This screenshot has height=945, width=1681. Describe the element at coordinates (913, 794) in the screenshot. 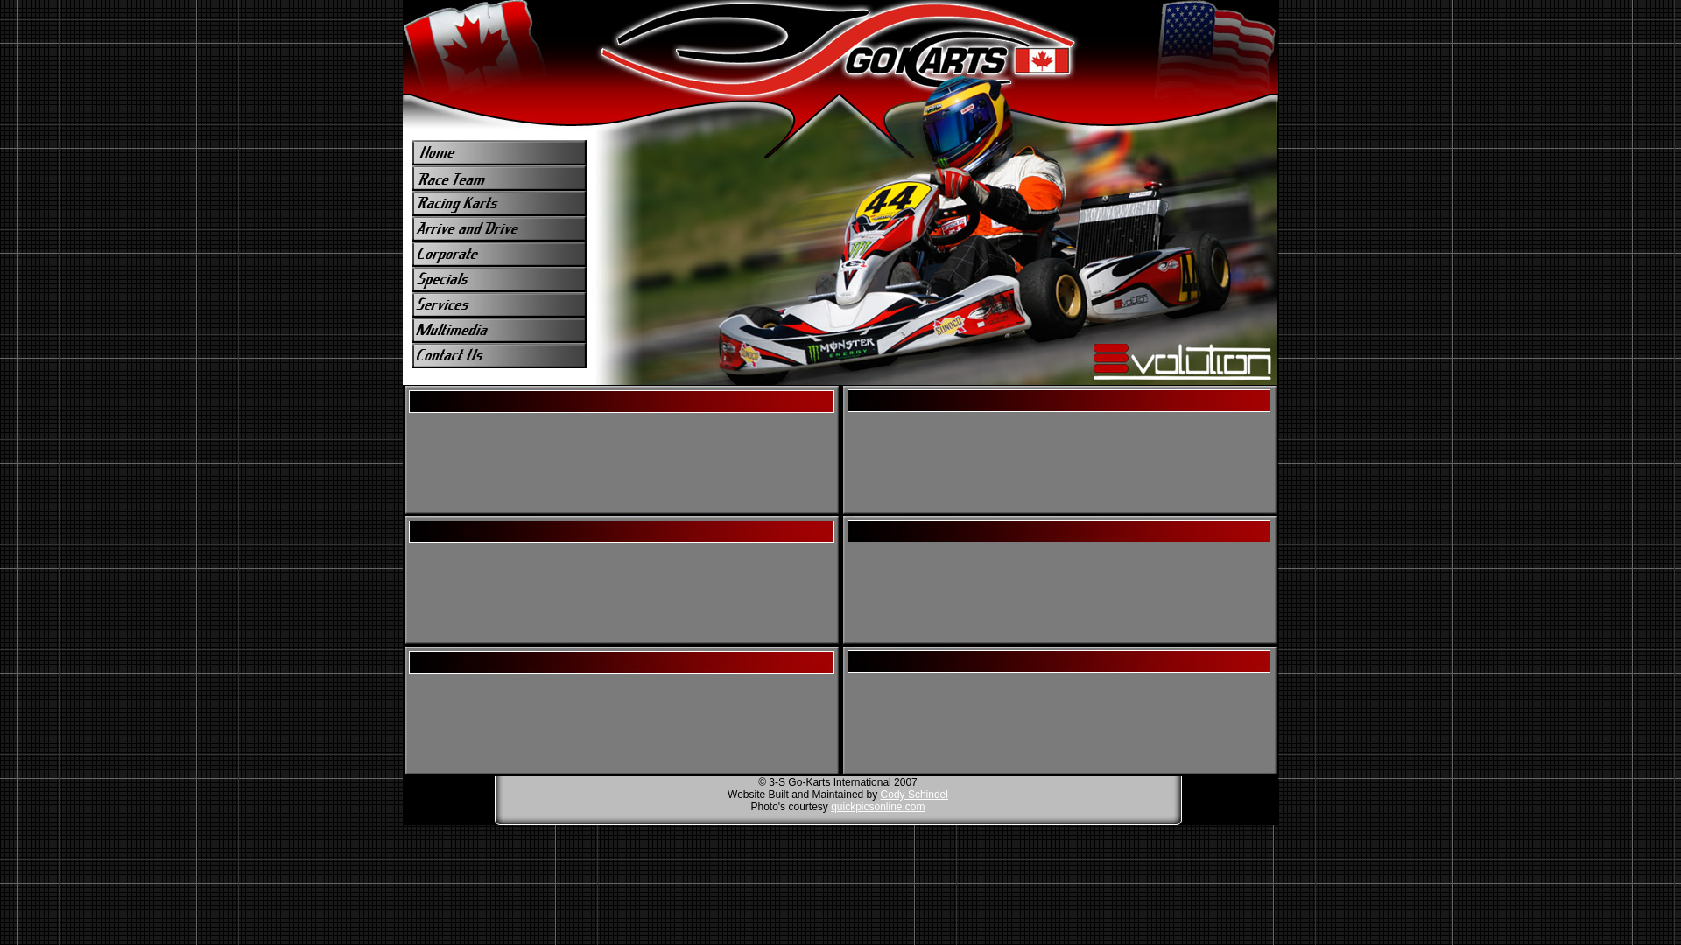

I see `'Cody Schindel'` at that location.